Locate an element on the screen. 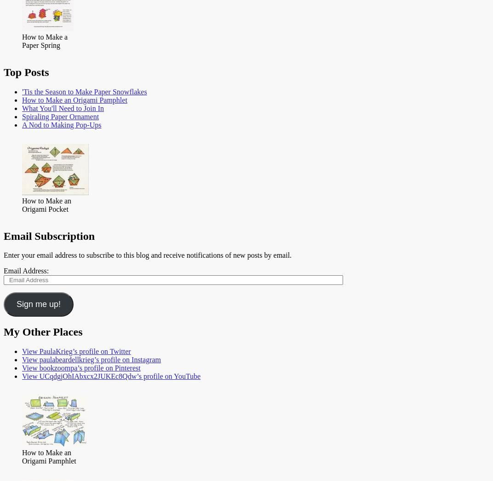 This screenshot has height=481, width=493. 'View PaulaKrieg’s profile on Twitter' is located at coordinates (76, 351).